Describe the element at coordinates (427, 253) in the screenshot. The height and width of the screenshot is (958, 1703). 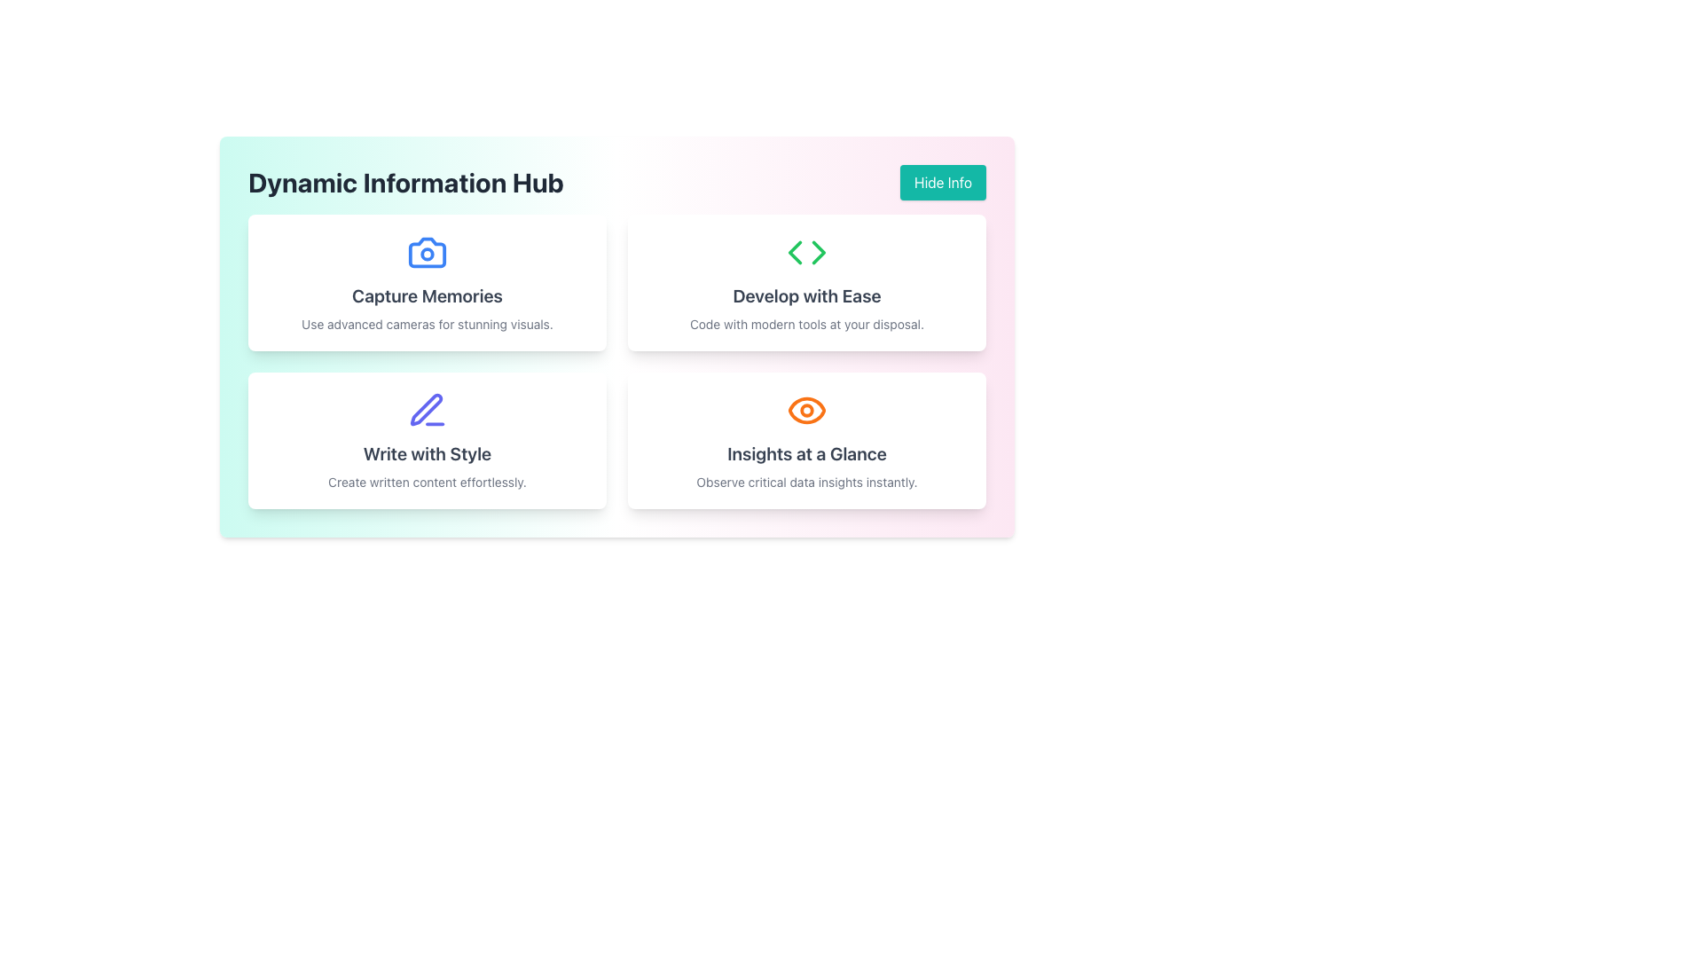
I see `the blue camera icon located in the top-left card of the grid layout, positioned above the 'Capture Memories' text` at that location.